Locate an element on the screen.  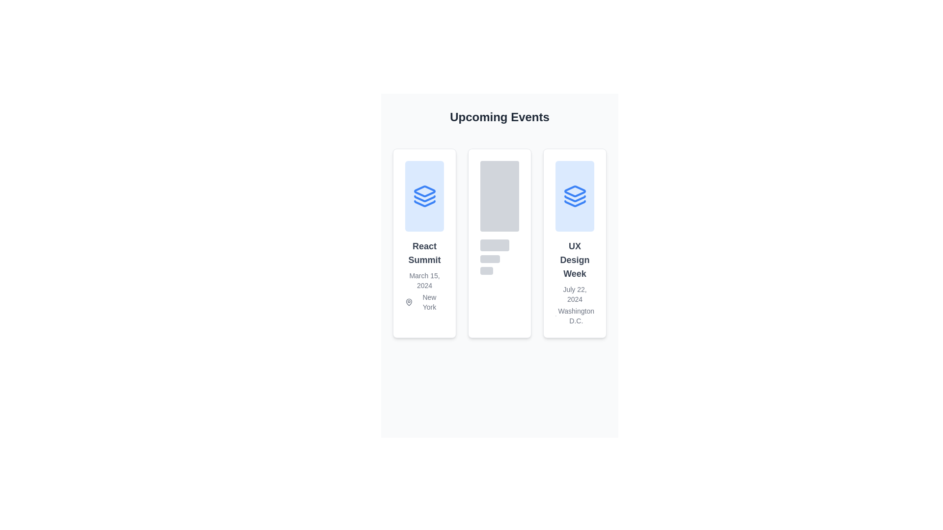
the Loading placeholder card component with a white background and rounded corners located in the 'Upcoming Events' section is located at coordinates (499, 243).